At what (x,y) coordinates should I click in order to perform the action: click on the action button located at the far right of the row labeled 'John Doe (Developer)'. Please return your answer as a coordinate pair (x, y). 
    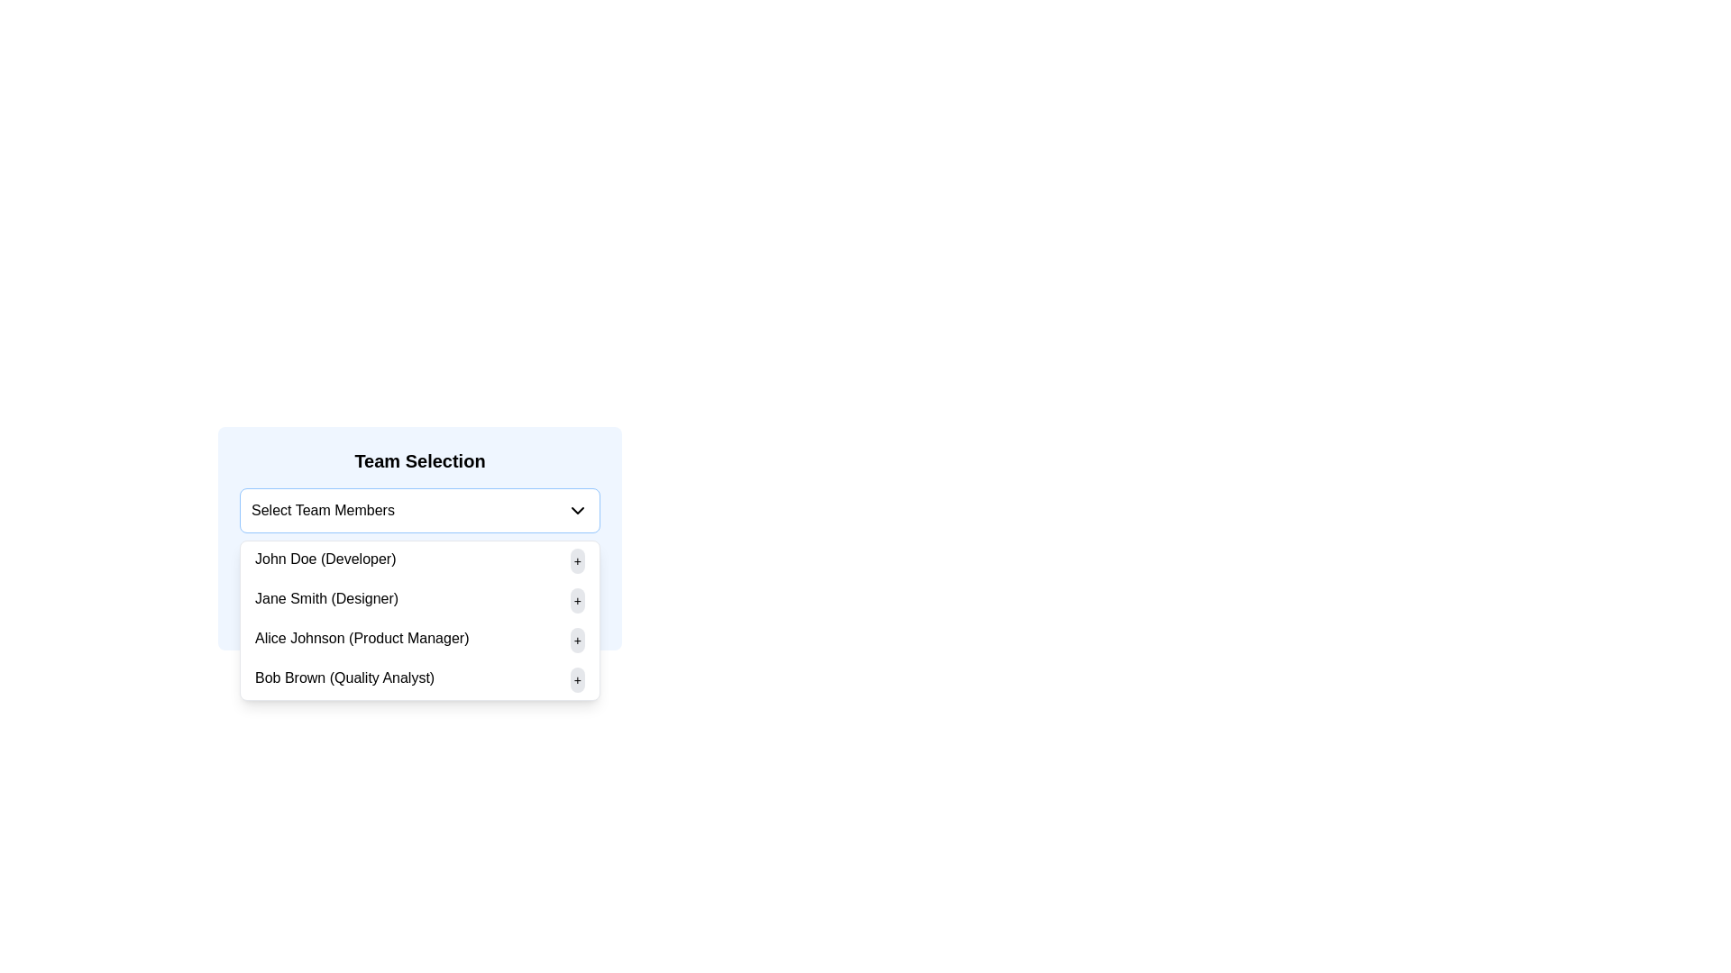
    Looking at the image, I should click on (577, 560).